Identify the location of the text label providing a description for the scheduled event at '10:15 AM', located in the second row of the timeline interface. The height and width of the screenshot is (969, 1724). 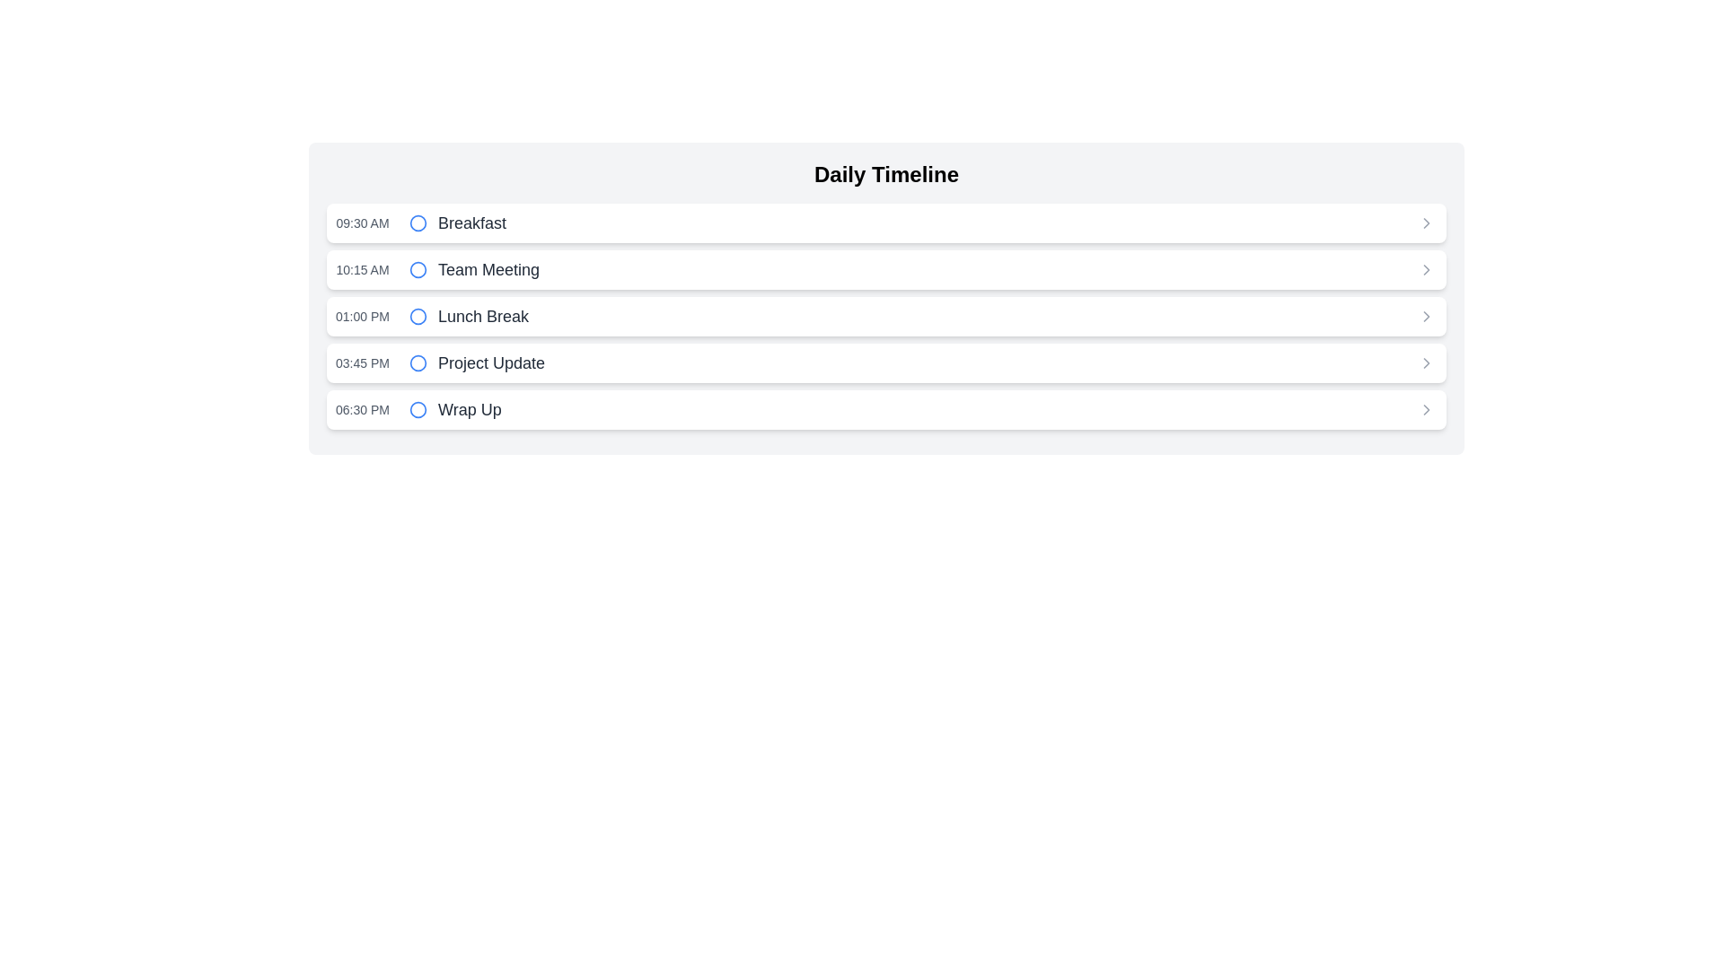
(488, 269).